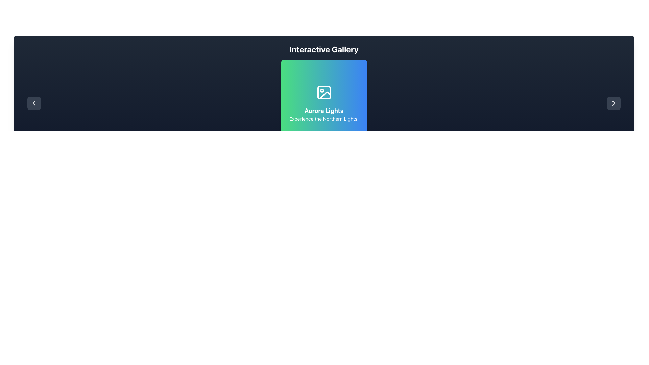 The width and height of the screenshot is (649, 365). What do you see at coordinates (33, 103) in the screenshot?
I see `the small, square button with a left-pointing chevron icon located in the top-left corner of the dark header section` at bounding box center [33, 103].